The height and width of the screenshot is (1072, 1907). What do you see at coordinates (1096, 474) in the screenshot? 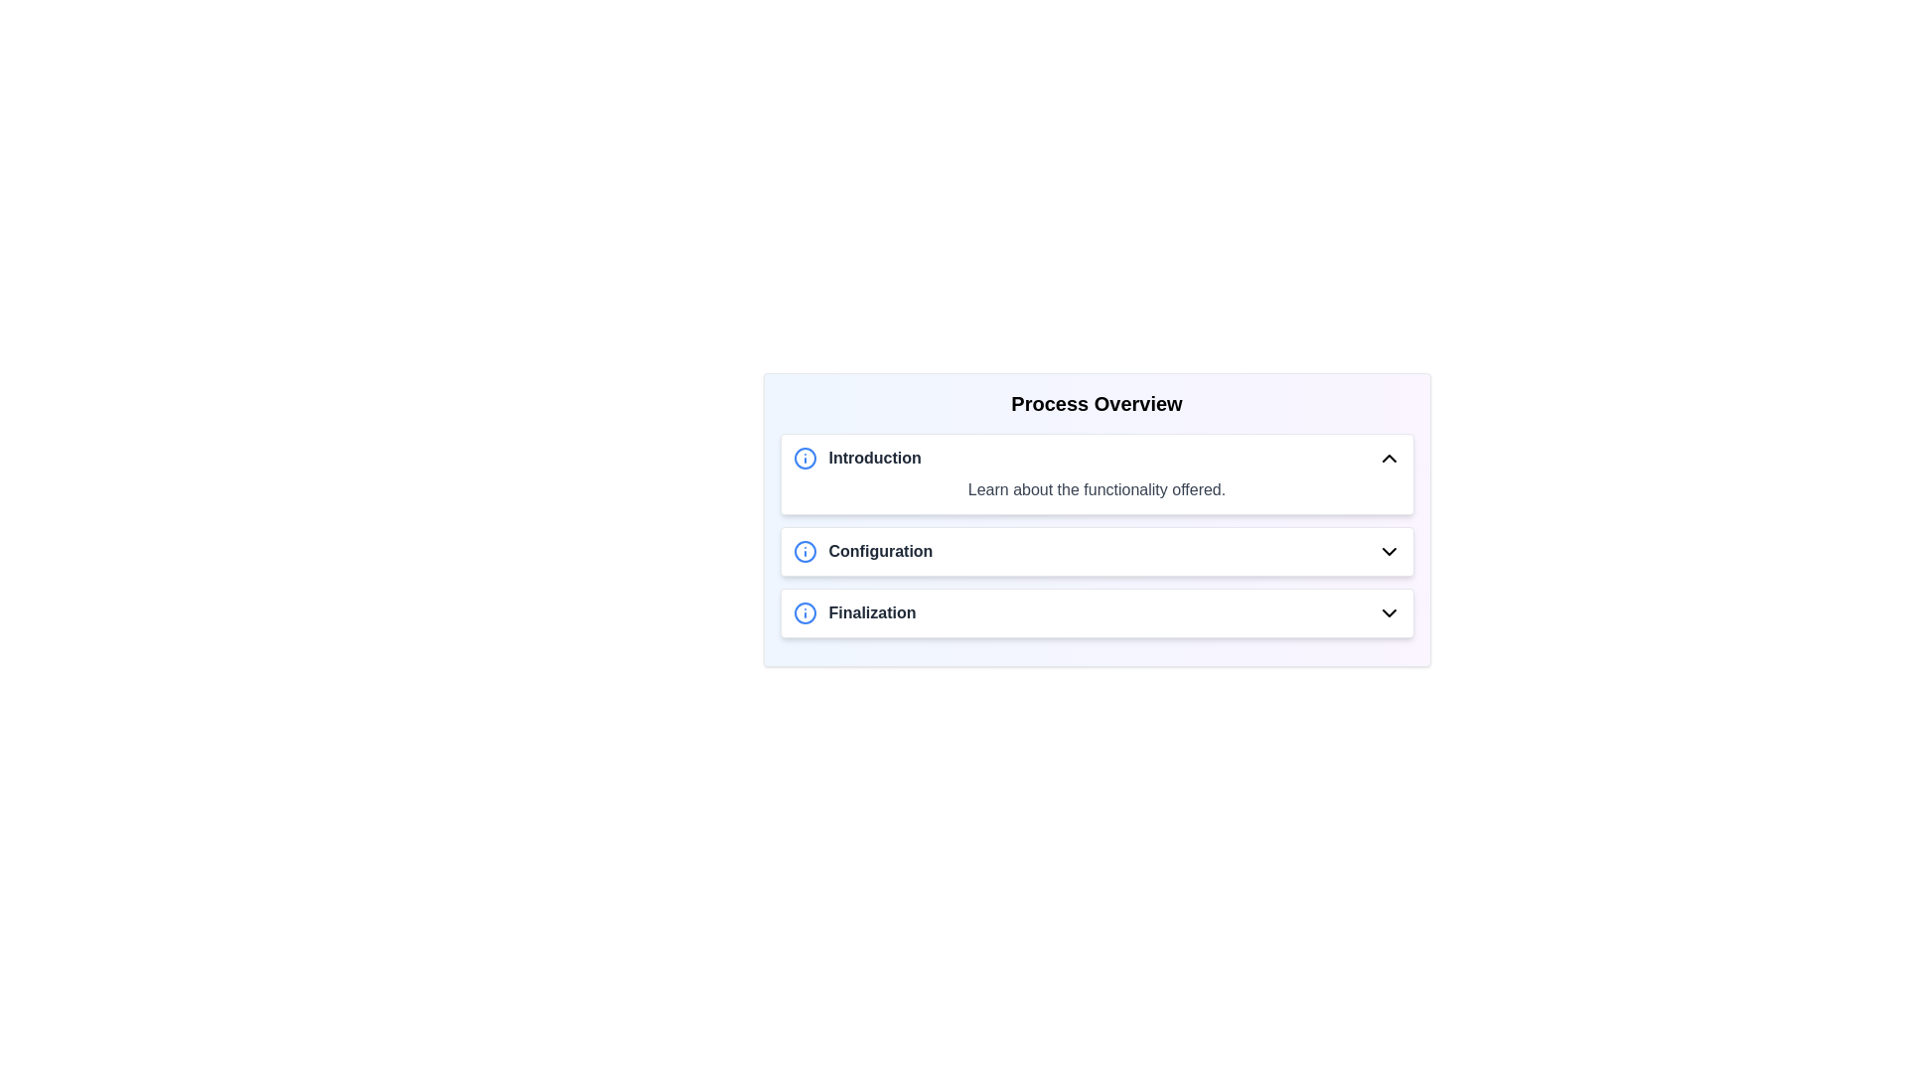
I see `description text within the 'Introduction' collapsible section, which contains an informative text: 'Learn about the functionality offered.'` at bounding box center [1096, 474].